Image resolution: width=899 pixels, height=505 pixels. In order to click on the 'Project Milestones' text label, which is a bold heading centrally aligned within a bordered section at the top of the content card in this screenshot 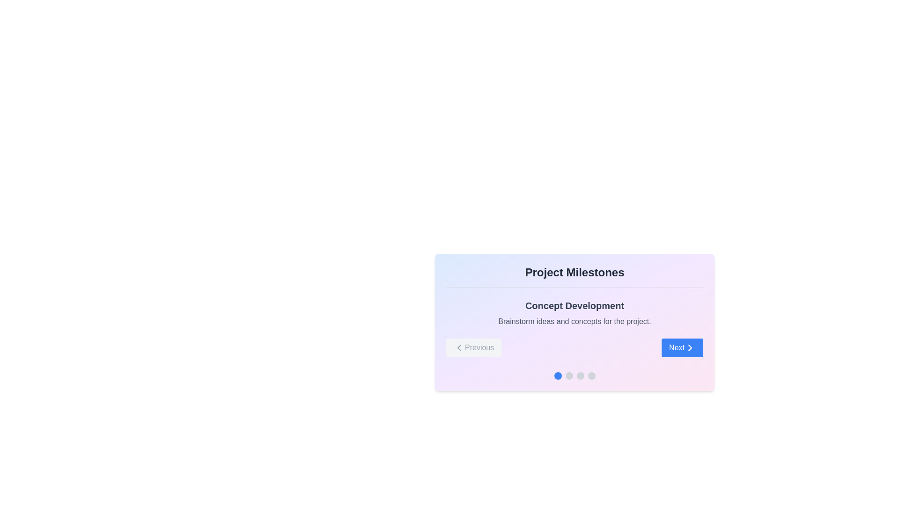, I will do `click(574, 272)`.